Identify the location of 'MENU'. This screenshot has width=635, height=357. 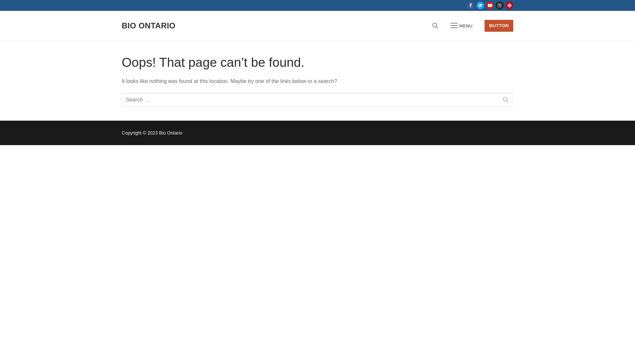
(461, 25).